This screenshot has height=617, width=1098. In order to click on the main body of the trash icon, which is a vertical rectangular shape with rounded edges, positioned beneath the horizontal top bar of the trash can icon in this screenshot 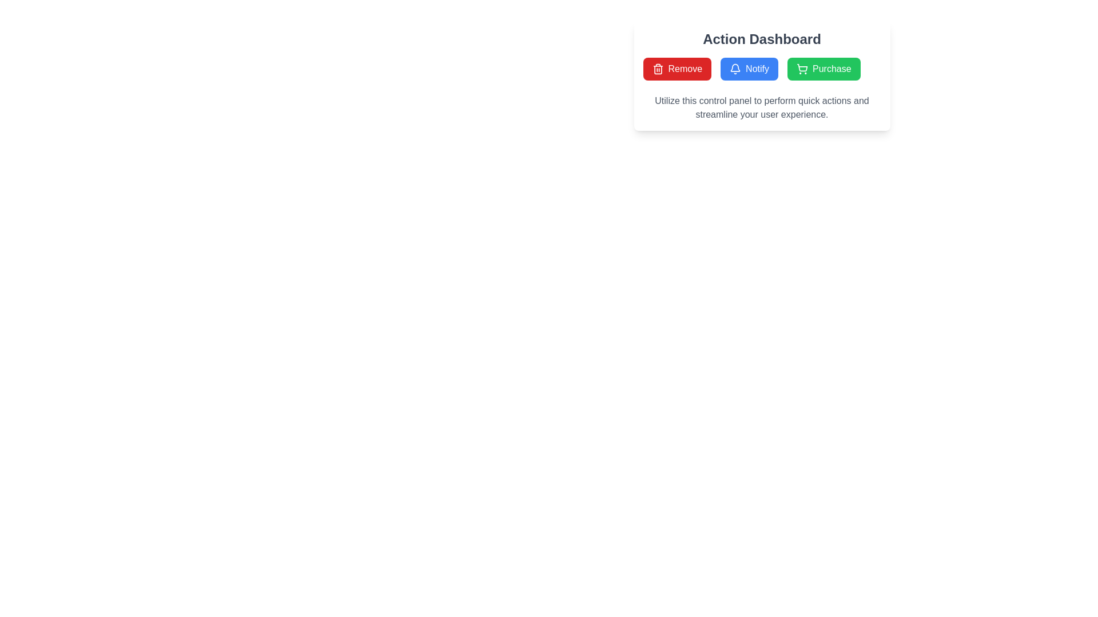, I will do `click(658, 70)`.